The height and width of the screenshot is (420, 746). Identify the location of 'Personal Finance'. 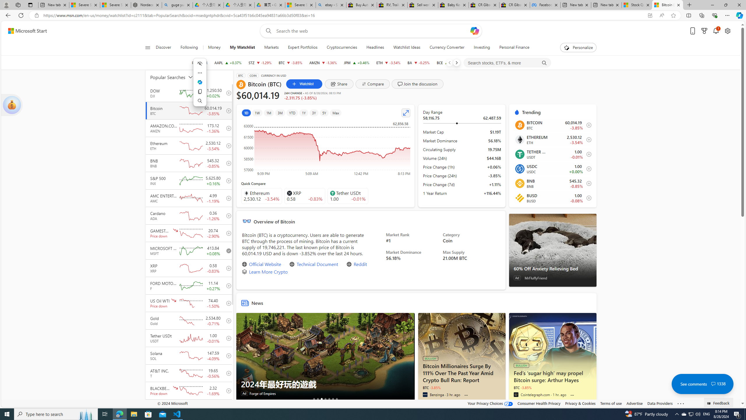
(514, 47).